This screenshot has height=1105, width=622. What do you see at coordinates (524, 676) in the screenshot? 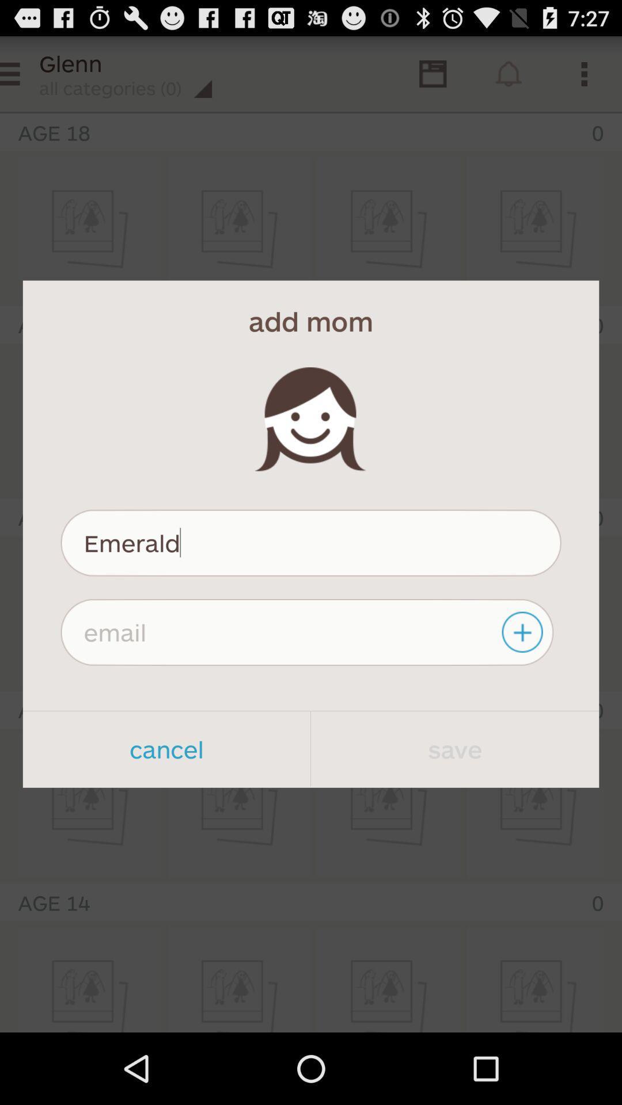
I see `the add icon` at bounding box center [524, 676].